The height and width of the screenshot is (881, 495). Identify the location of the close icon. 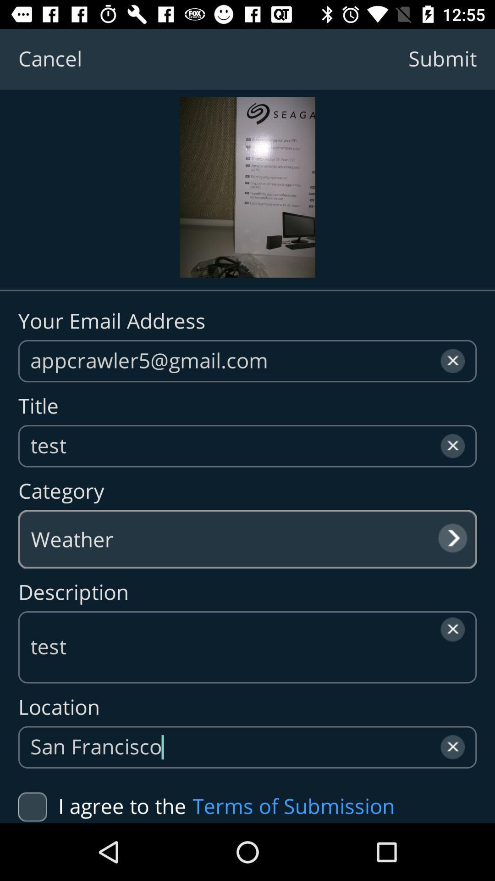
(452, 747).